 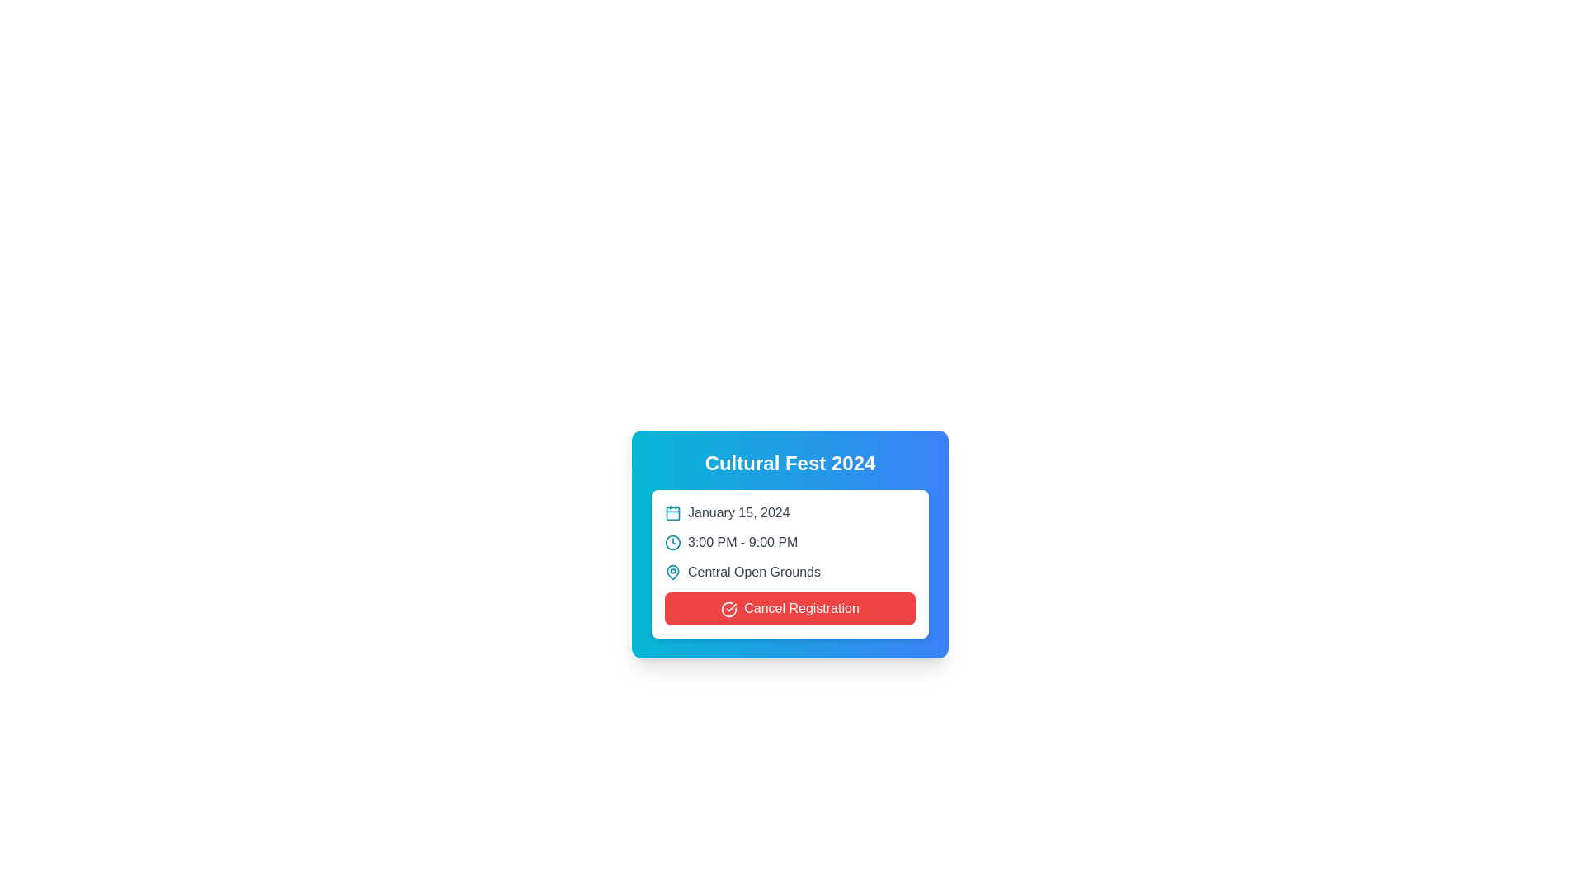 I want to click on text label displaying '3:00 PM - 9:00 PM', which is located centrally within the event details box beneath the date and above the location description, so click(x=742, y=543).